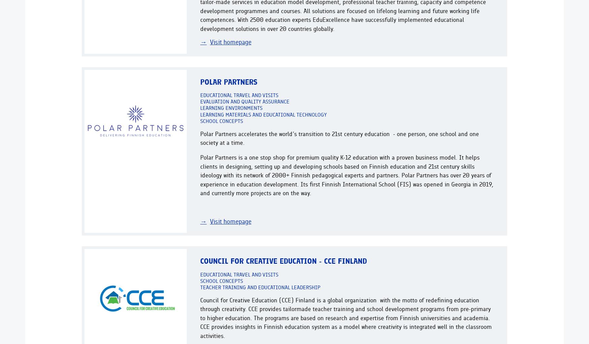 The width and height of the screenshot is (589, 344). What do you see at coordinates (245, 101) in the screenshot?
I see `'Evaluation and quality assurance'` at bounding box center [245, 101].